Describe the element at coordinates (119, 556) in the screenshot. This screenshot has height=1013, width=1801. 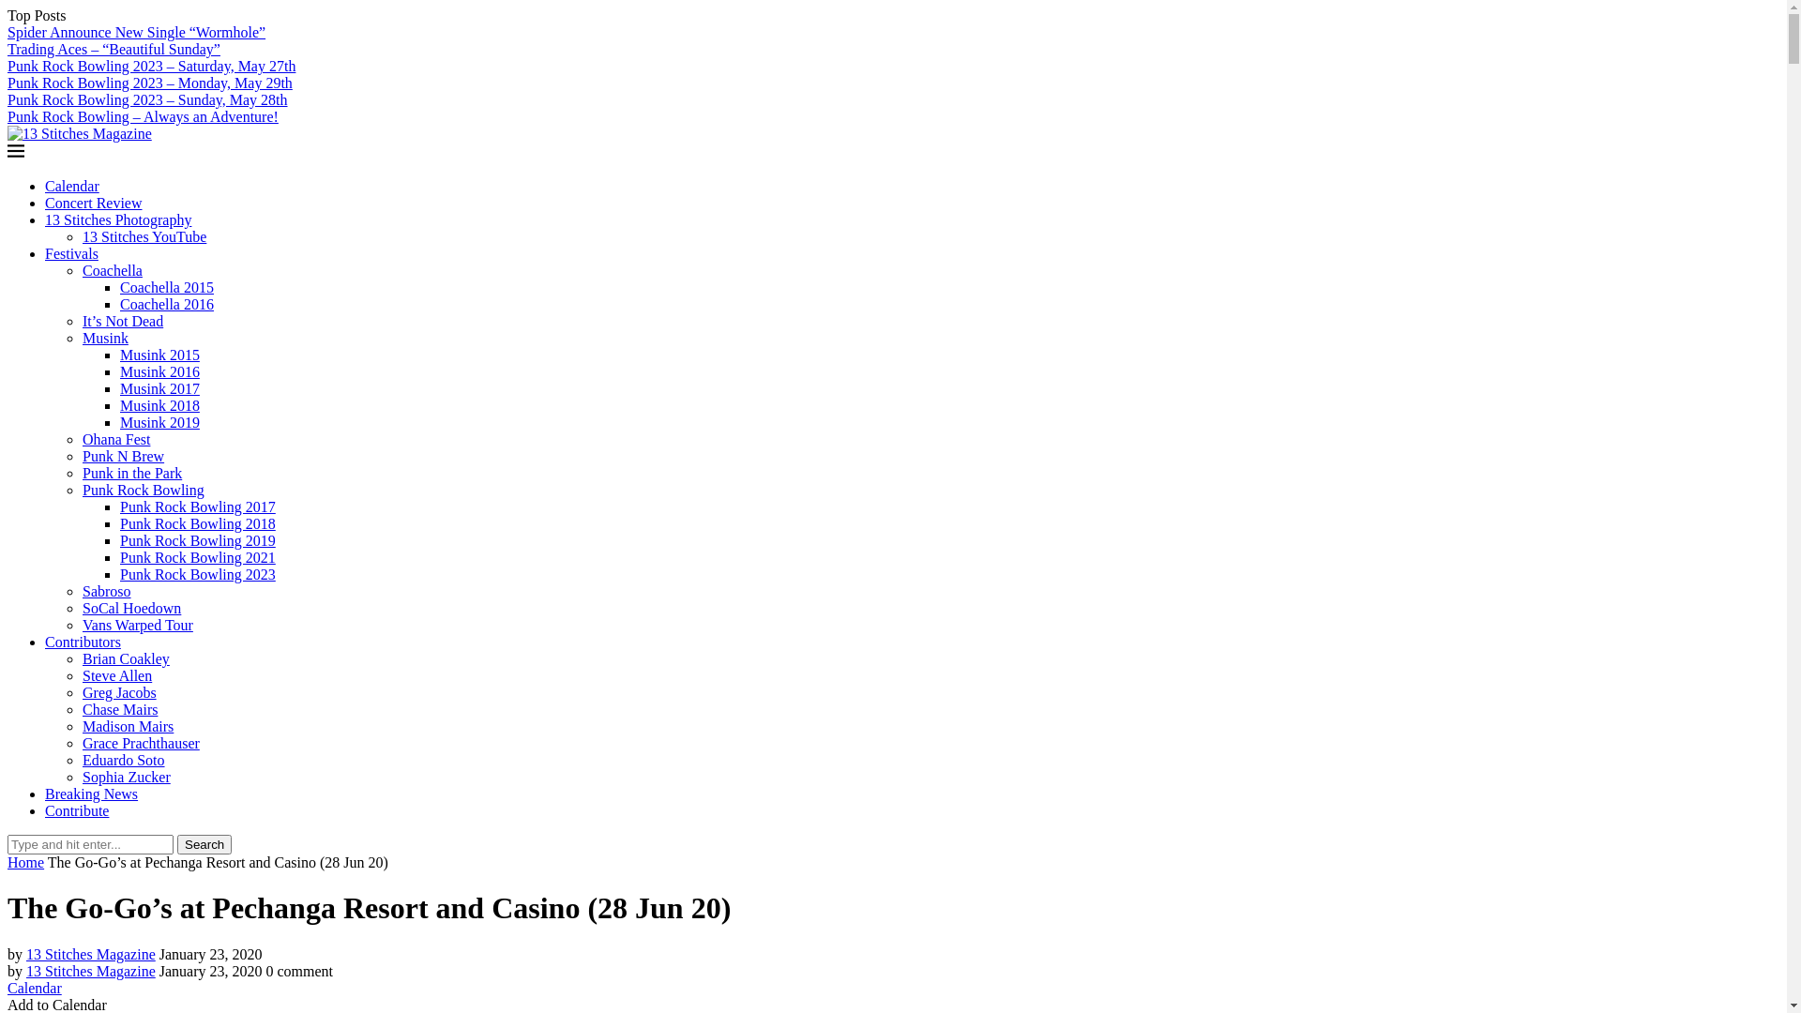
I see `'Punk Rock Bowling 2021'` at that location.